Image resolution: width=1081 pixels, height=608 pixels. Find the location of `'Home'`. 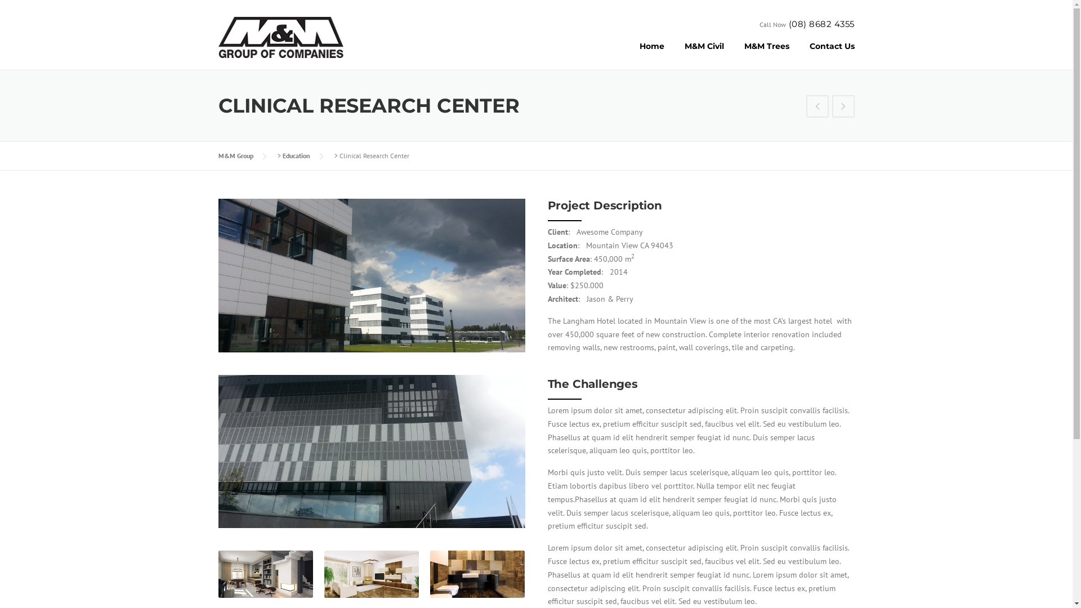

'Home' is located at coordinates (651, 54).